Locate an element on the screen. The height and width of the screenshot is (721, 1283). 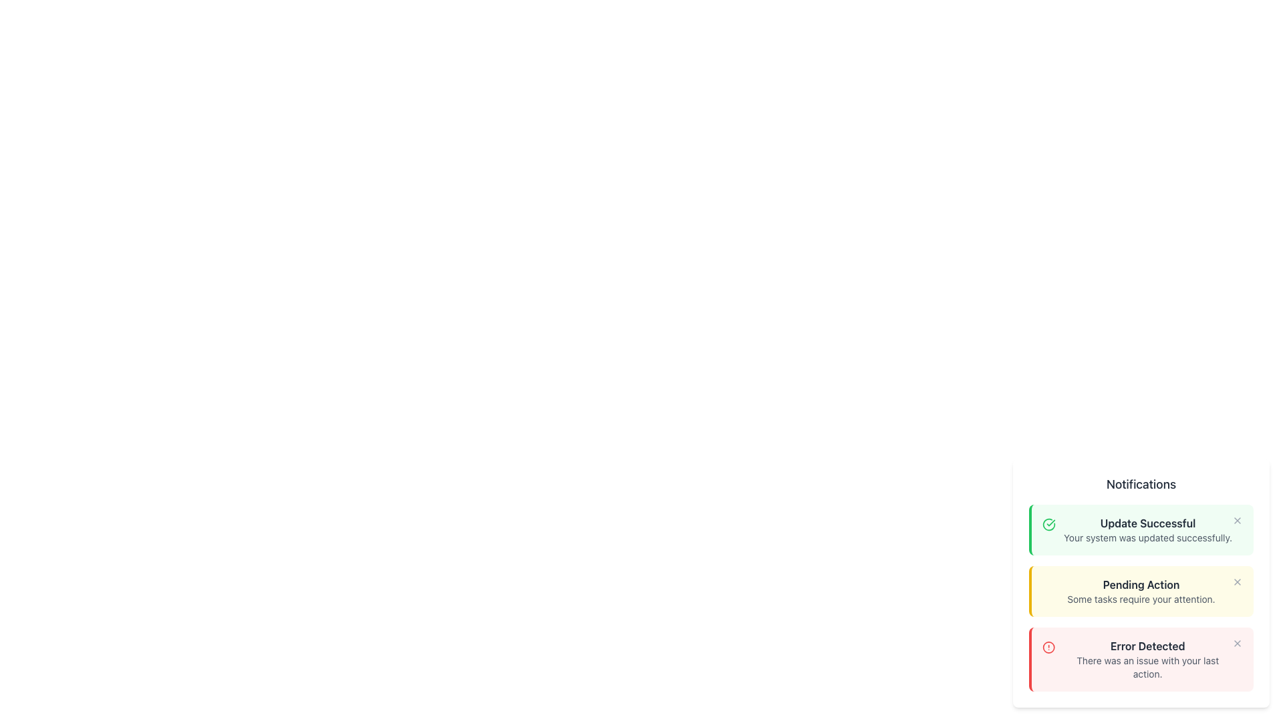
the interactive icon button located at the top-right corner of the 'Update Successful' notification card to change its appearance is located at coordinates (1237, 519).